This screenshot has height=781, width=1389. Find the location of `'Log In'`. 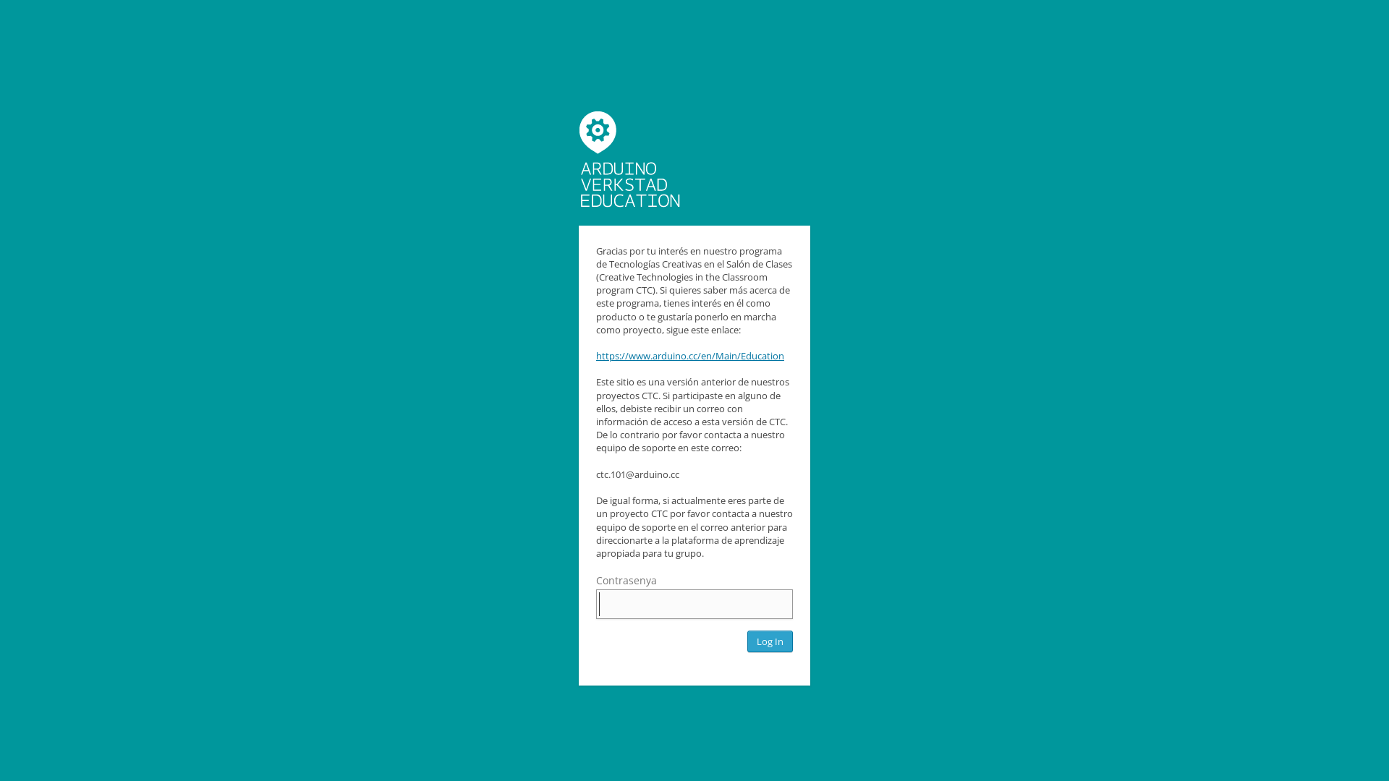

'Log In' is located at coordinates (769, 641).